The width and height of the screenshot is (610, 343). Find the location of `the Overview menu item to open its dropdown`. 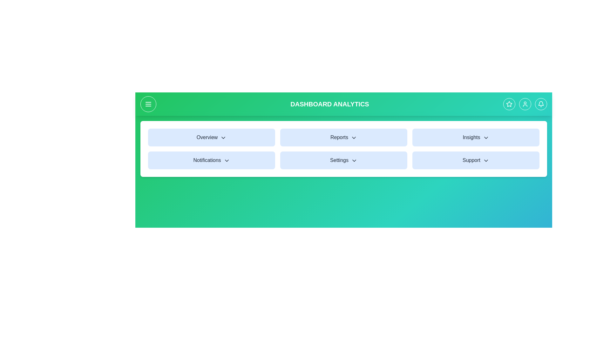

the Overview menu item to open its dropdown is located at coordinates (212, 137).